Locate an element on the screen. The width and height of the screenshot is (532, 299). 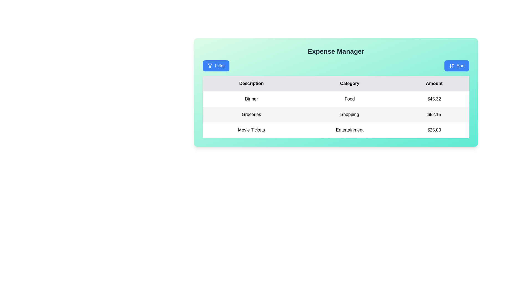
the Text Label indicating a category or description in the expenses table, which is the first sibling element in the leftmost column of its row is located at coordinates (251, 114).